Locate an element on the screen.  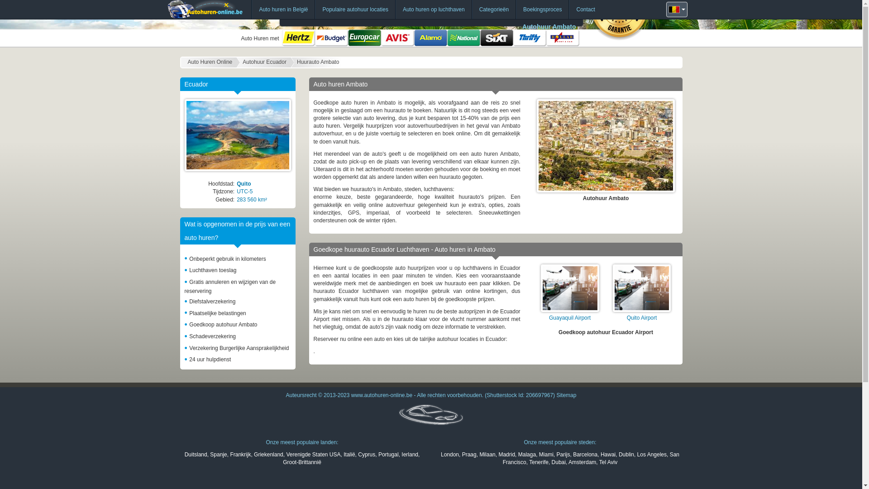
'Cyprus' is located at coordinates (367, 454).